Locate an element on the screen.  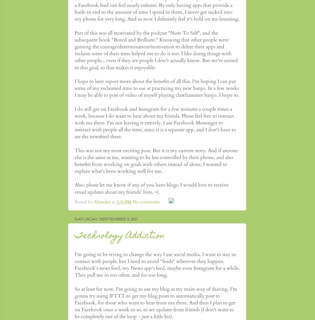
'Aliandria' is located at coordinates (102, 202).